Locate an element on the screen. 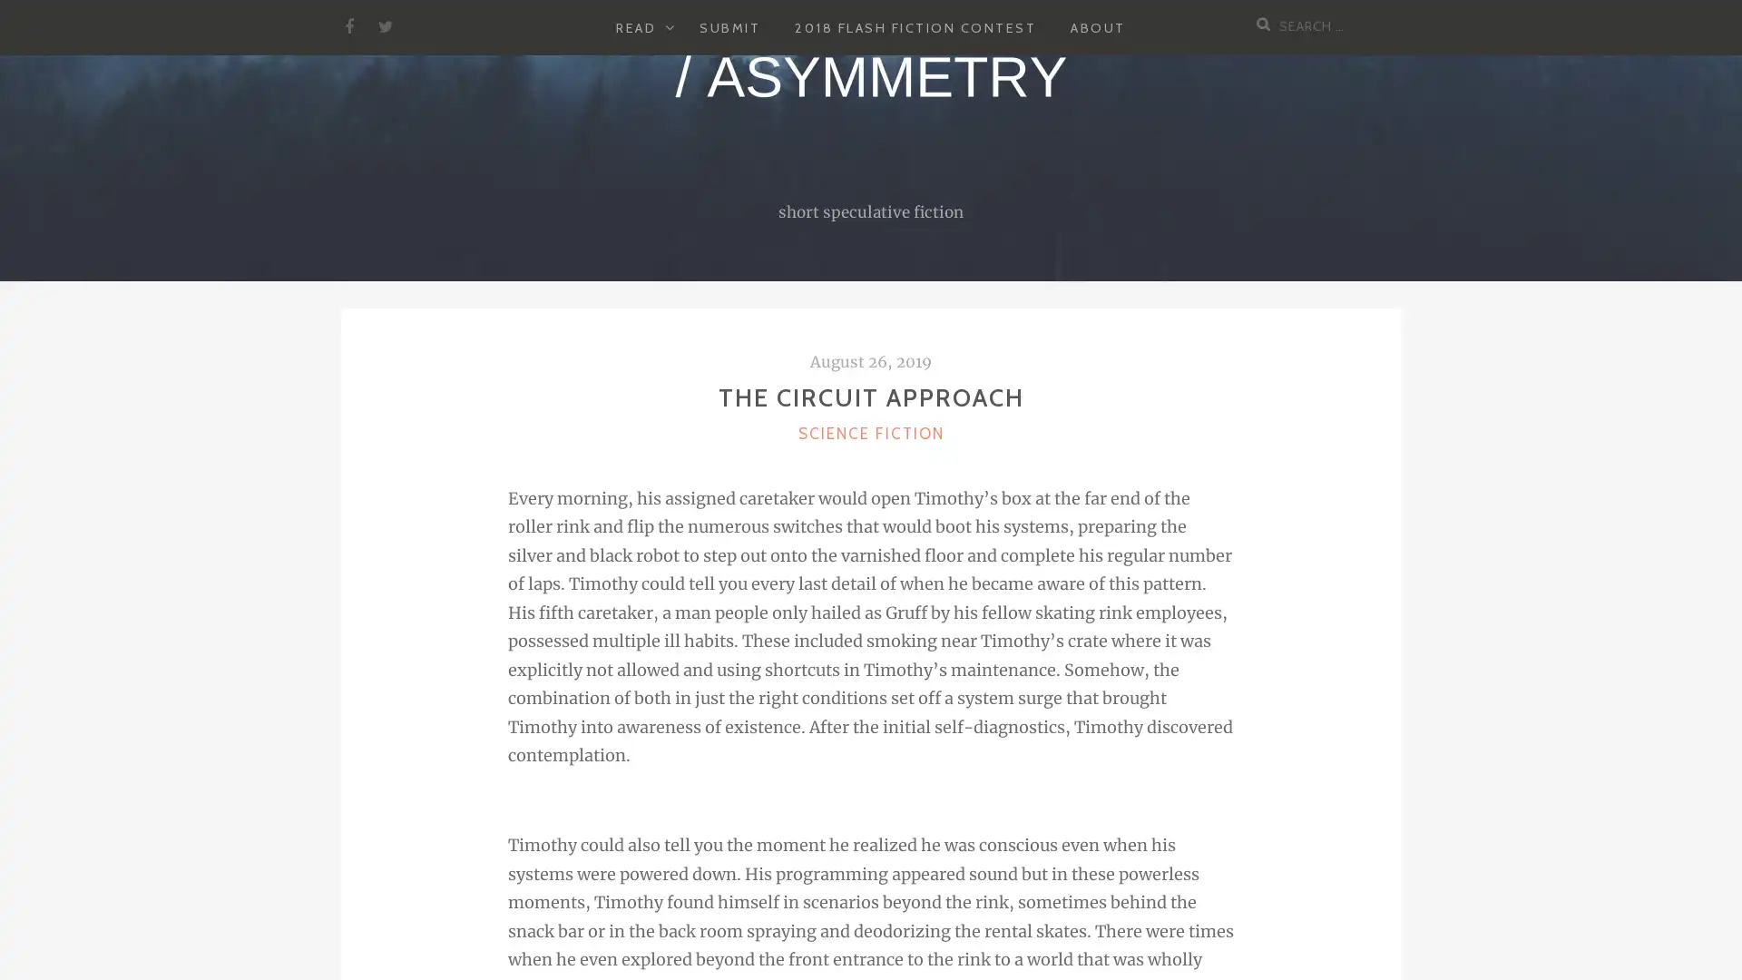 The image size is (1742, 980). Search is located at coordinates (1265, 24).